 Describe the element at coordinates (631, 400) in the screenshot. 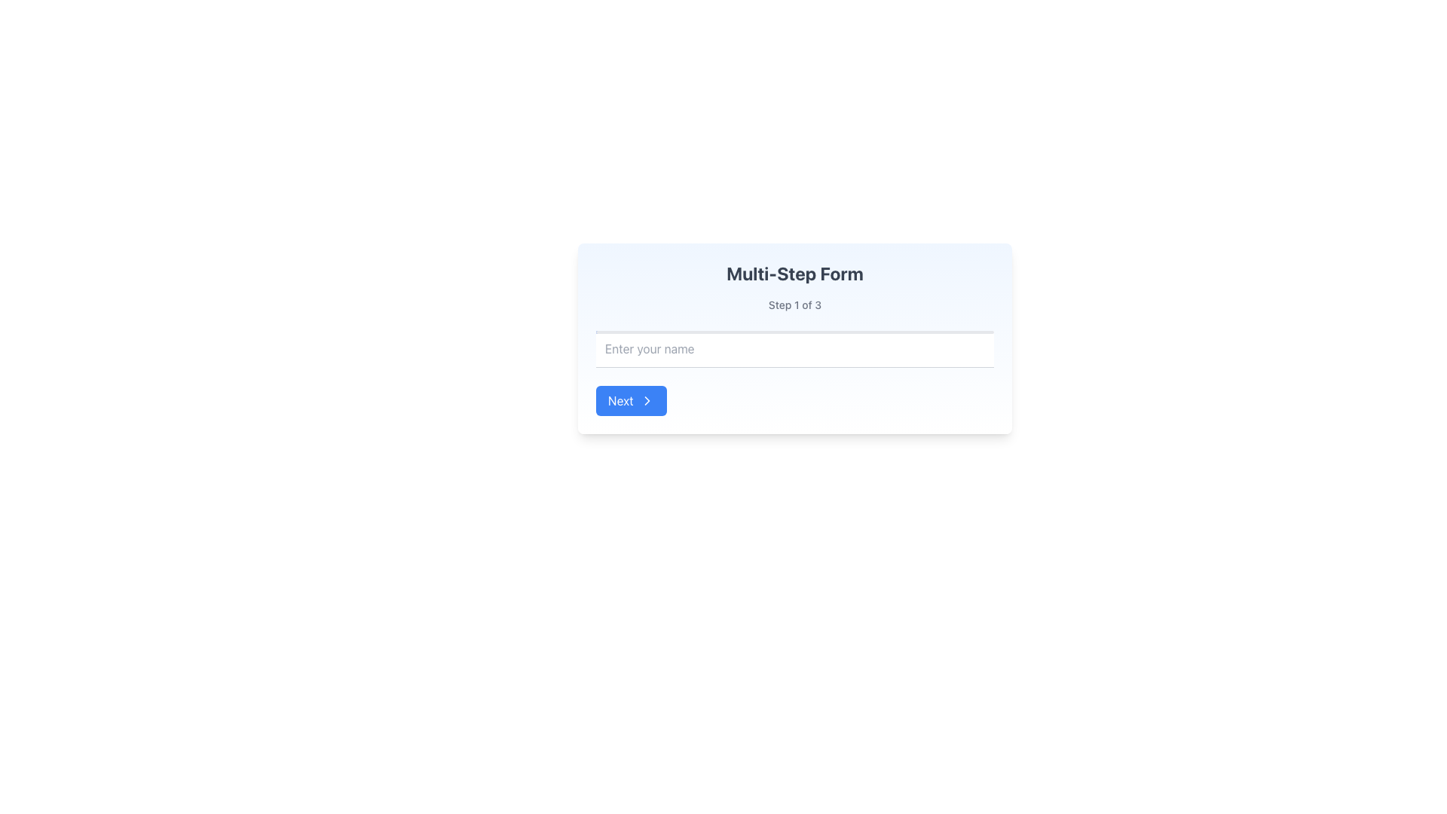

I see `the rectangular button with a blue background labeled 'Next', located in the lower-left section of the page` at that location.